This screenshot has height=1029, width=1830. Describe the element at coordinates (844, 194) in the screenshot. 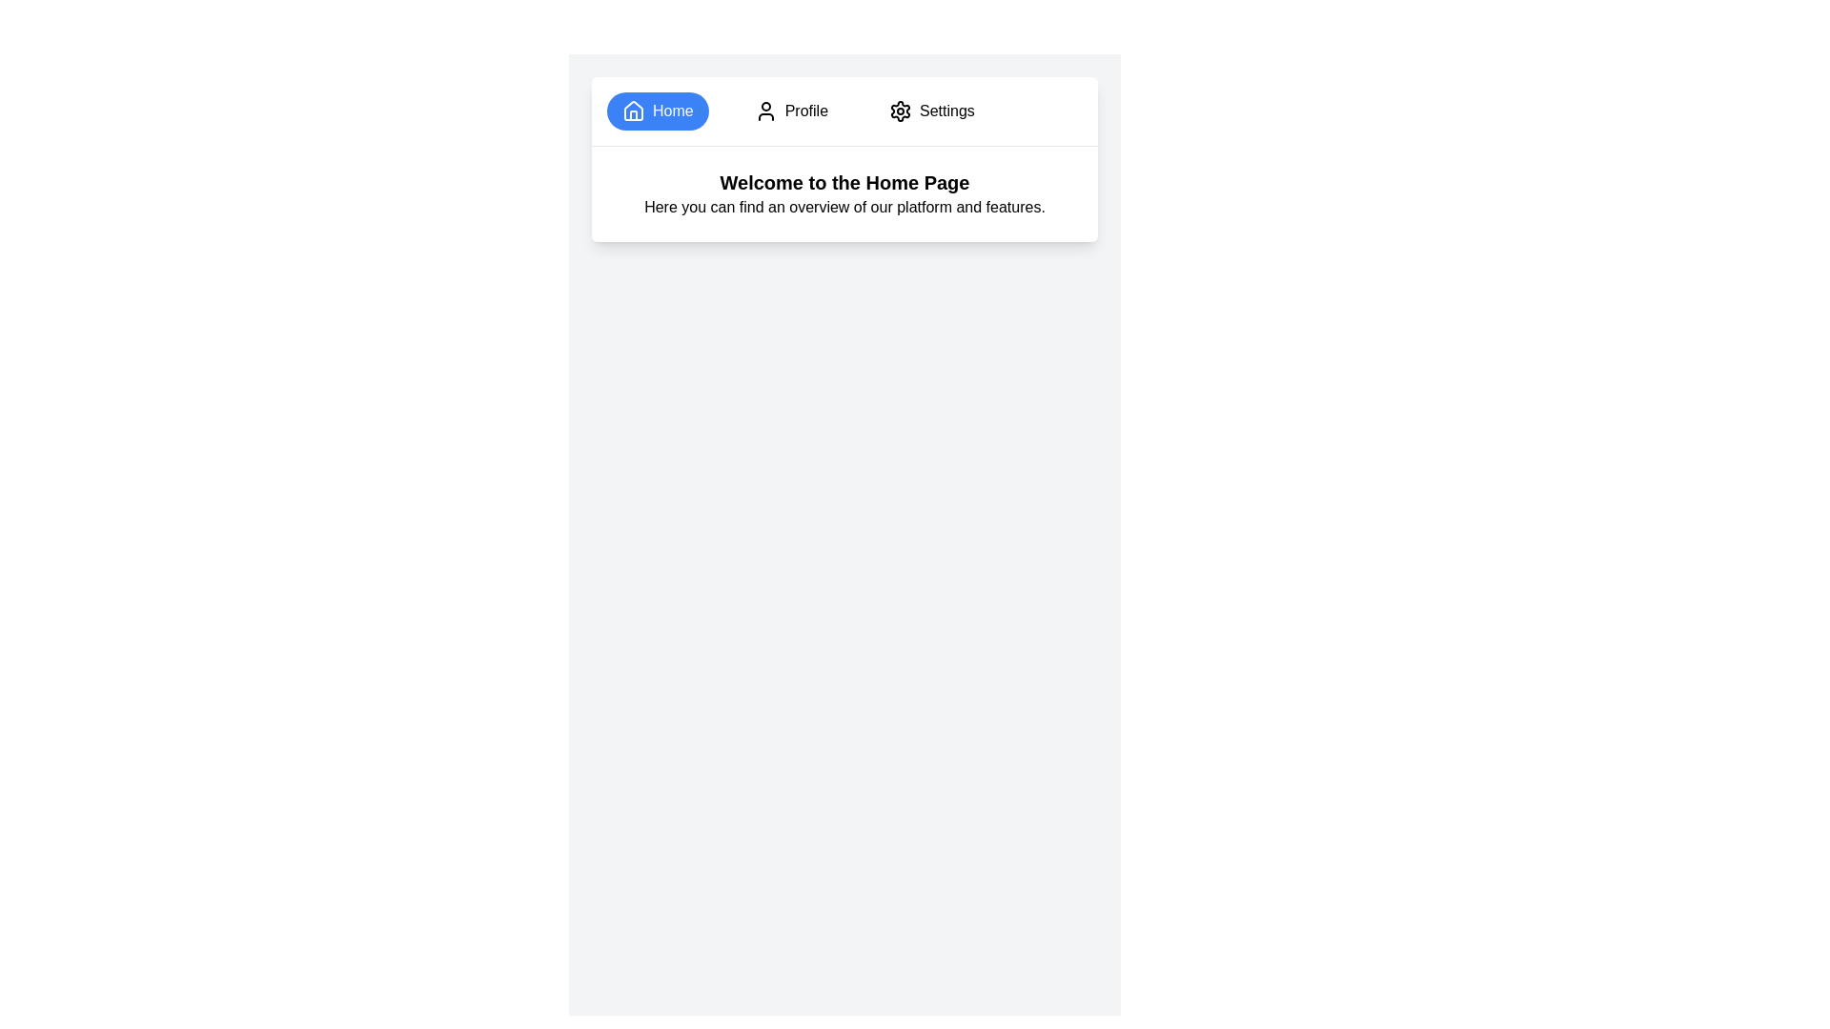

I see `introduction text block located centrally below the navigation bar, which welcomes users and describes the page's purpose` at that location.